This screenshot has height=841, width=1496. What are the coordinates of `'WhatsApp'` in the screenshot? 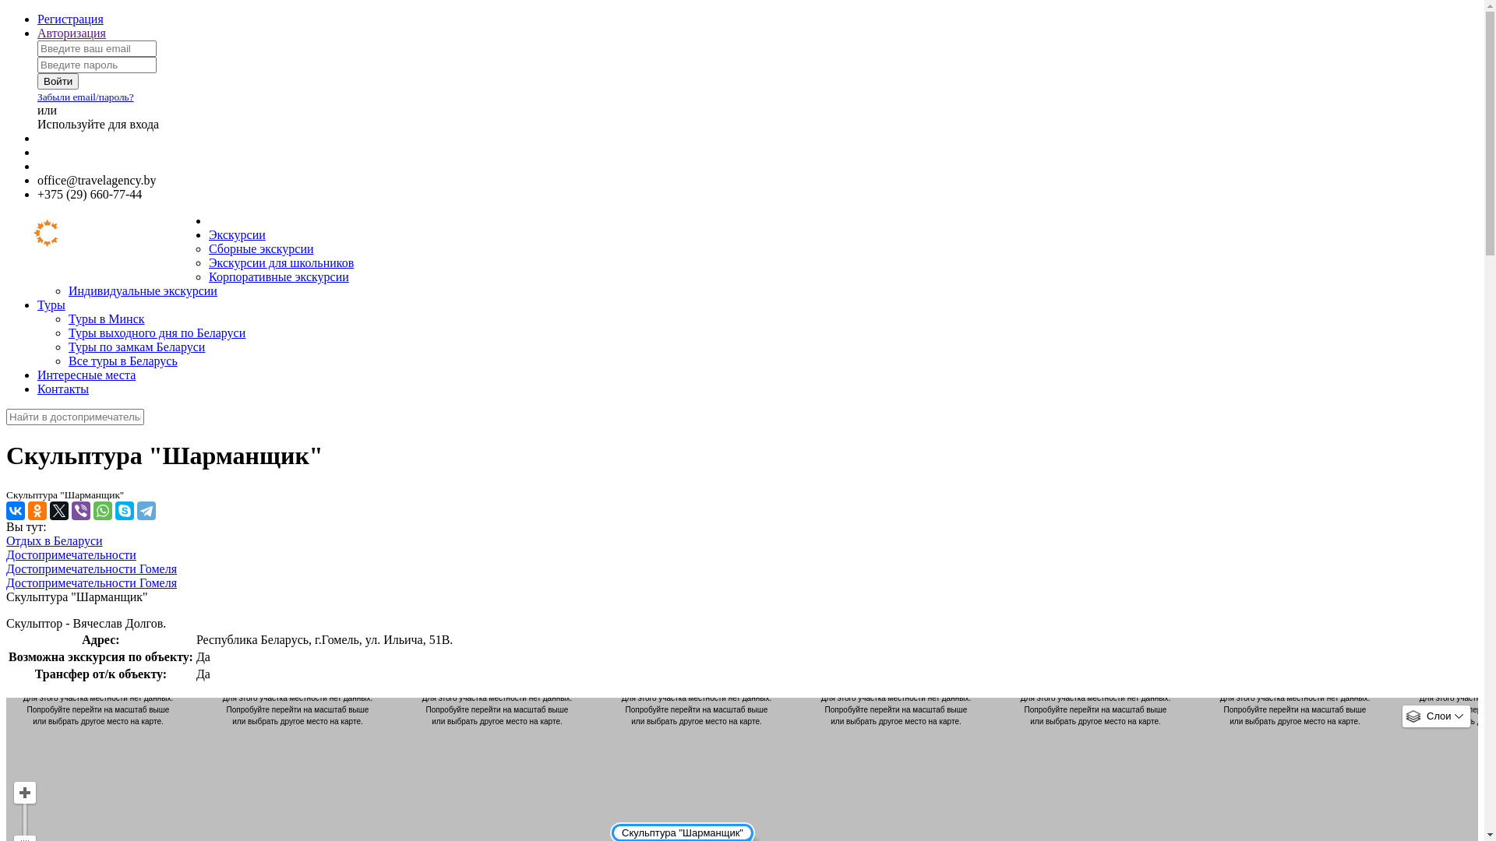 It's located at (102, 510).